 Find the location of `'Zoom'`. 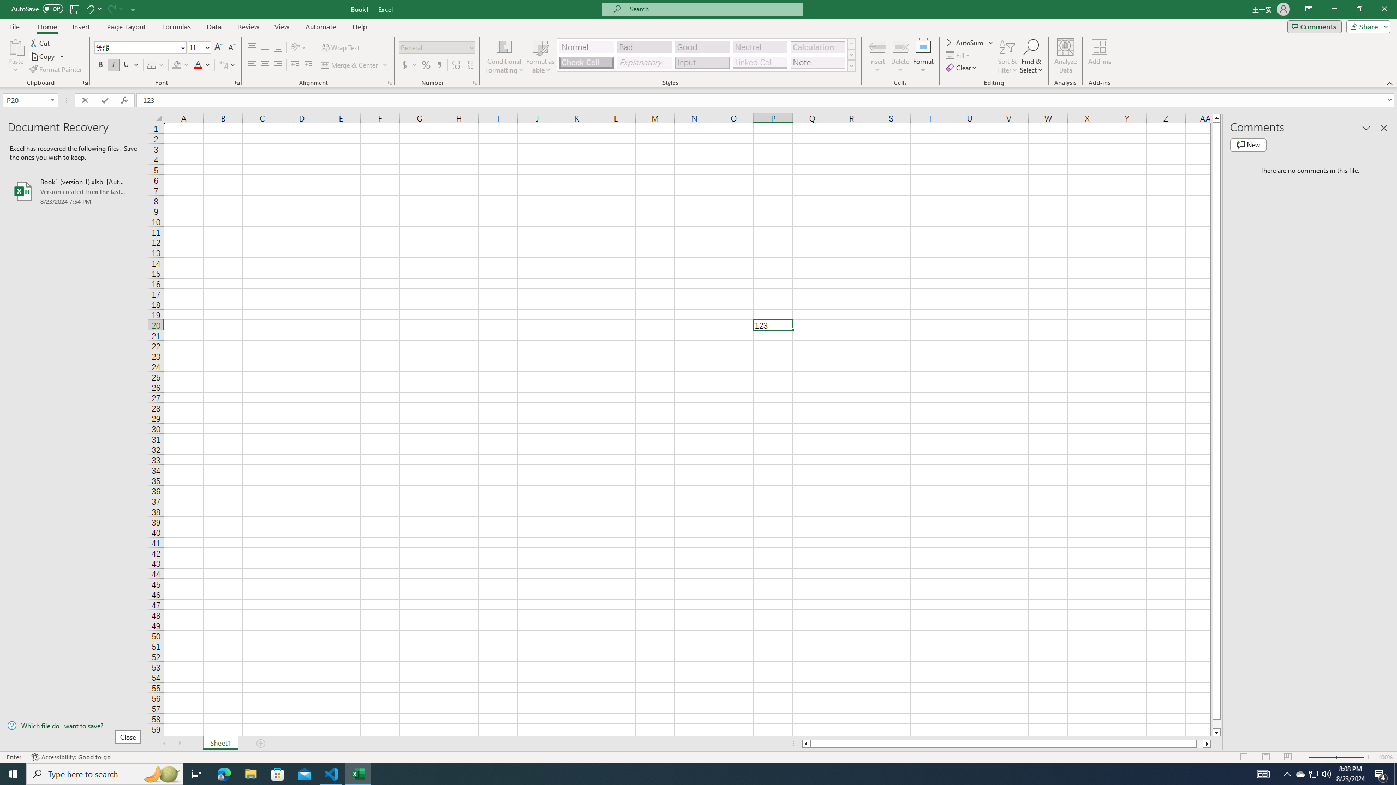

'Zoom' is located at coordinates (1335, 757).